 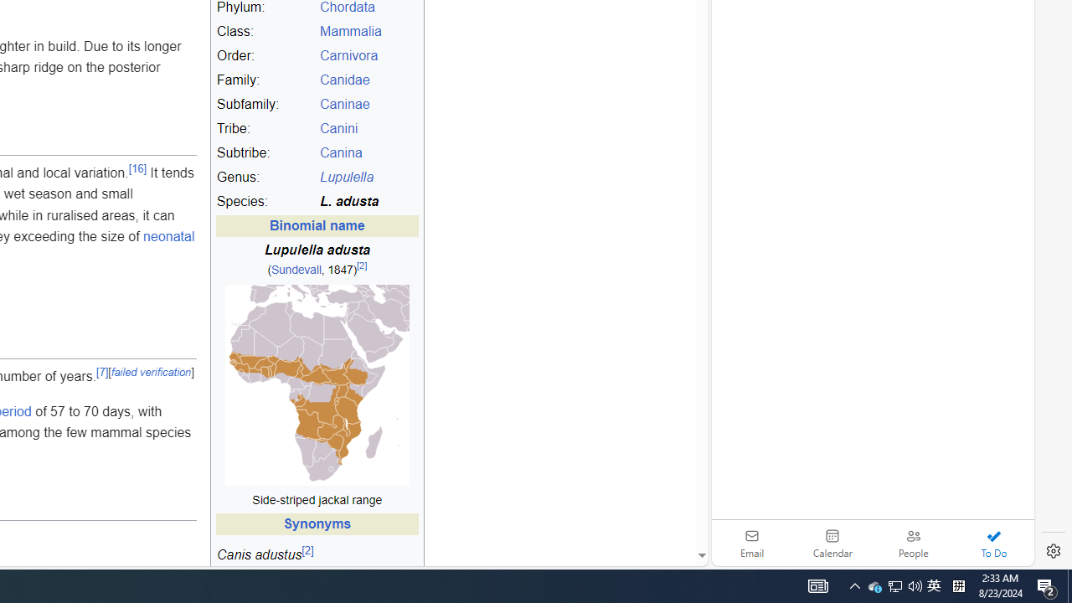 What do you see at coordinates (317, 260) in the screenshot?
I see `'Lupulella adusta (Sundevall, 1847)[2]'` at bounding box center [317, 260].